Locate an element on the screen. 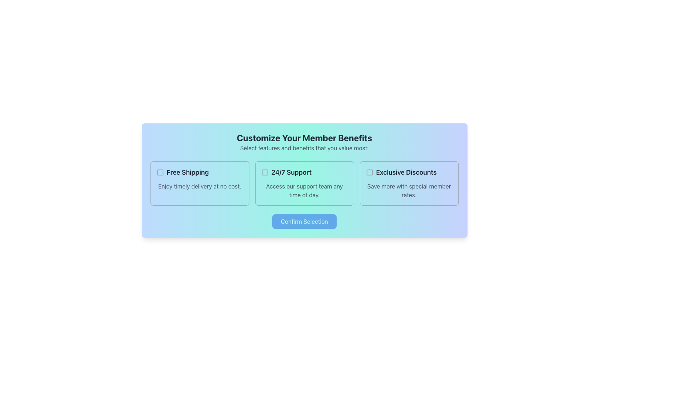  text label that displays 'Exclusive Discounts', which is styled in bold, large black font and is positioned to the rightmost side among three benefit options is located at coordinates (406, 172).